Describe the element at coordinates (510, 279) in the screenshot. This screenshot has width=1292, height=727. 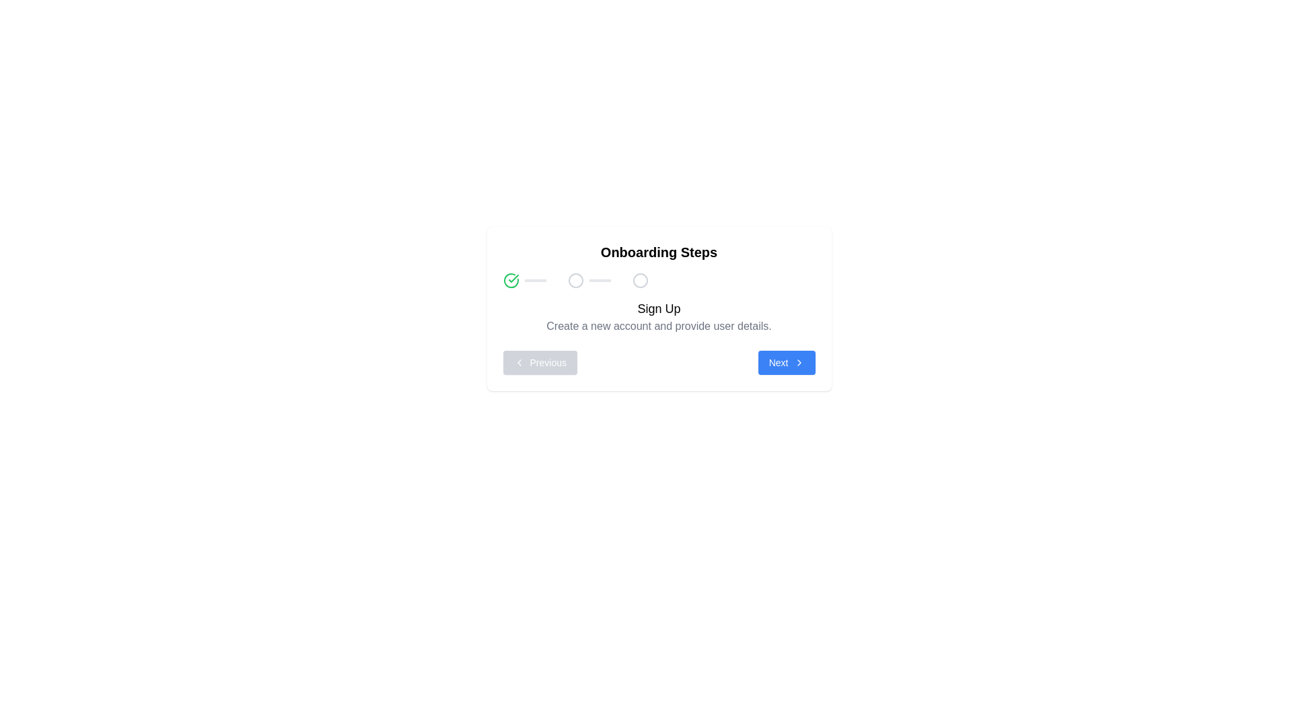
I see `the circular icon with a green outline and a checkmark inside, indicating the completion of the first step in the onboarding progress tracker` at that location.